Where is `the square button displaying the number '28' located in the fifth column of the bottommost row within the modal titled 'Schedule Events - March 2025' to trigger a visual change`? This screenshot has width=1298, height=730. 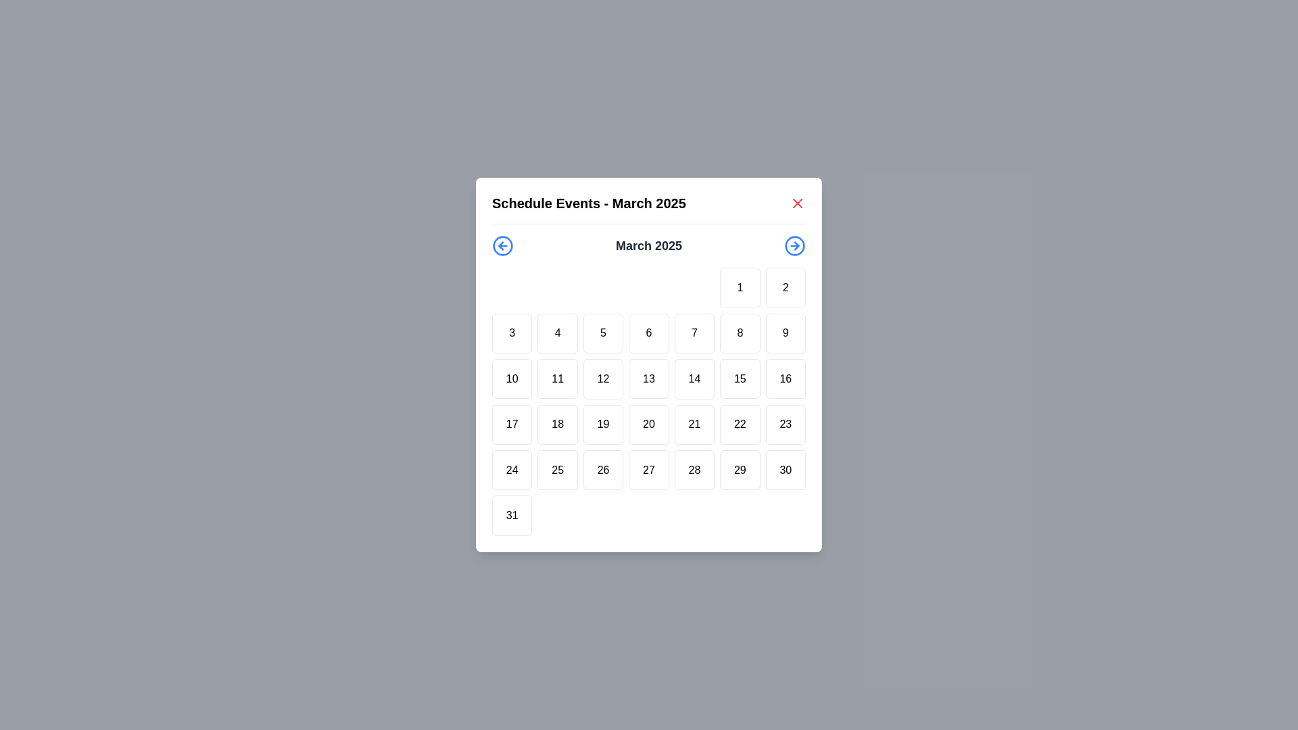
the square button displaying the number '28' located in the fifth column of the bottommost row within the modal titled 'Schedule Events - March 2025' to trigger a visual change is located at coordinates (694, 469).